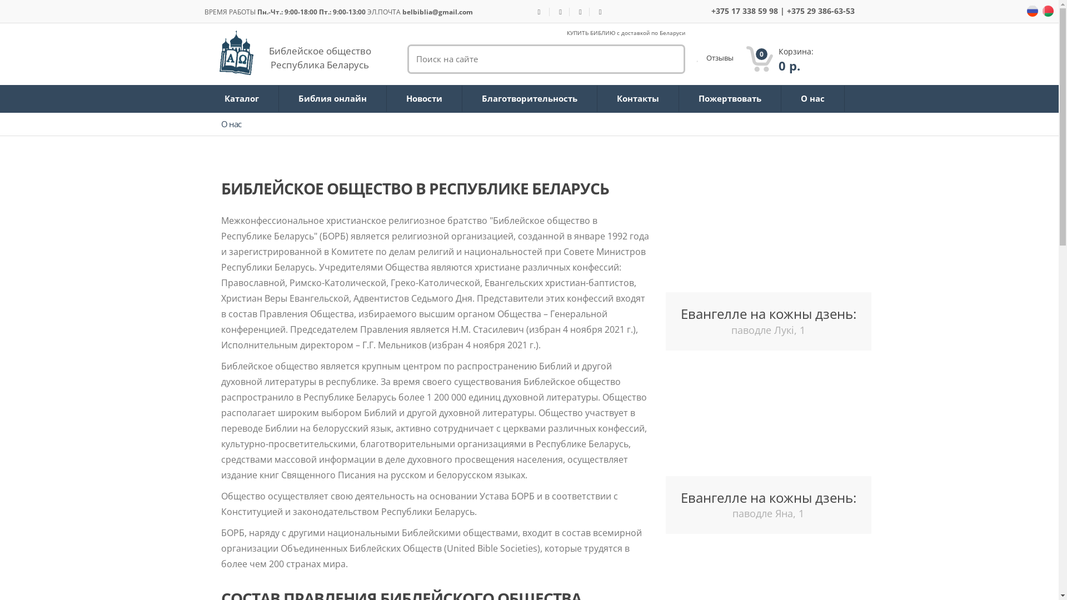 Image resolution: width=1067 pixels, height=600 pixels. I want to click on 'ru', so click(1048, 10).